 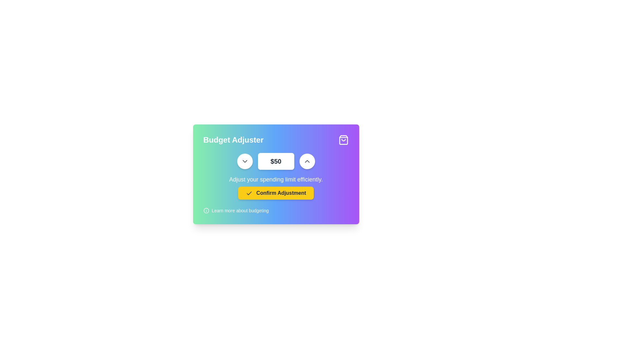 I want to click on visual header bar titled 'Budget Adjuster' featuring a shopping bag icon, located at the top of the card interface, so click(x=276, y=140).